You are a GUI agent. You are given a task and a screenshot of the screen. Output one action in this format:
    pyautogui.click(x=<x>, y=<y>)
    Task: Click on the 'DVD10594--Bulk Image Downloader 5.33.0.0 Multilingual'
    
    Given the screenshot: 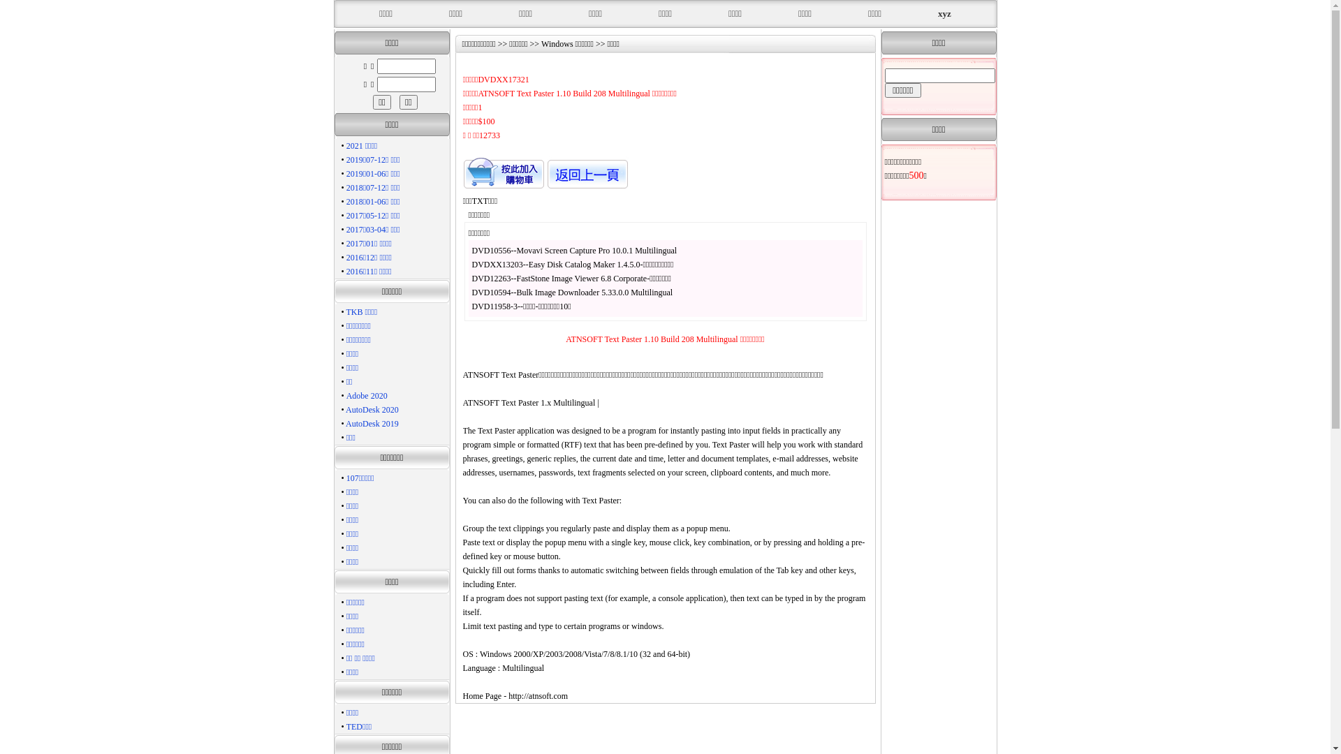 What is the action you would take?
    pyautogui.click(x=573, y=292)
    